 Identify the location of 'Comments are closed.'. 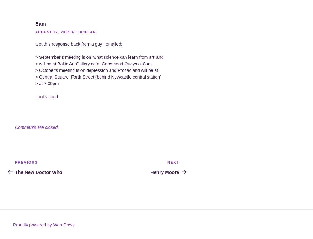
(37, 127).